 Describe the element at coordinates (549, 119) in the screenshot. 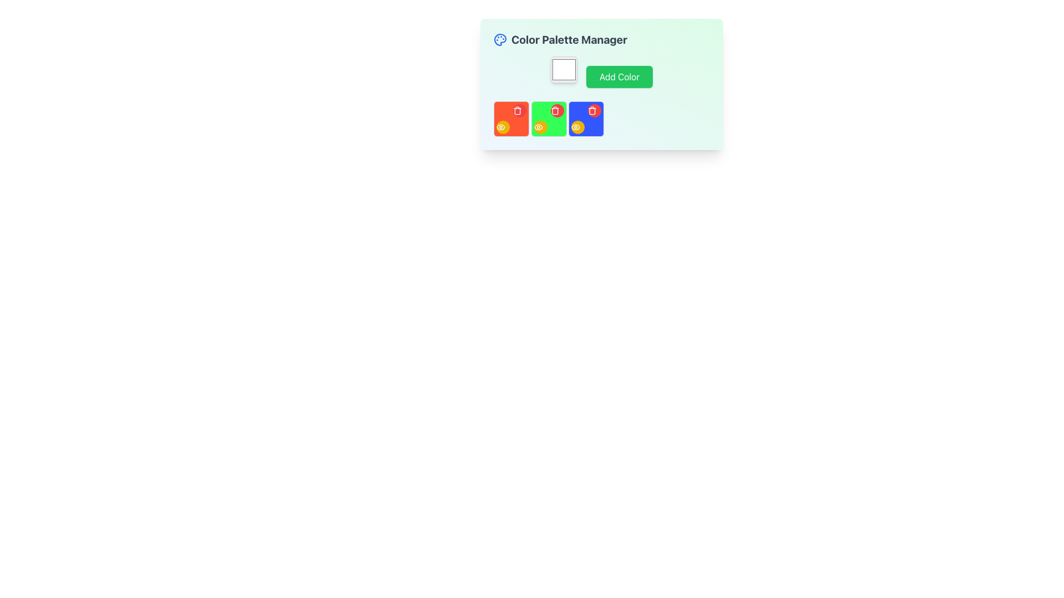

I see `the interactive card located` at that location.